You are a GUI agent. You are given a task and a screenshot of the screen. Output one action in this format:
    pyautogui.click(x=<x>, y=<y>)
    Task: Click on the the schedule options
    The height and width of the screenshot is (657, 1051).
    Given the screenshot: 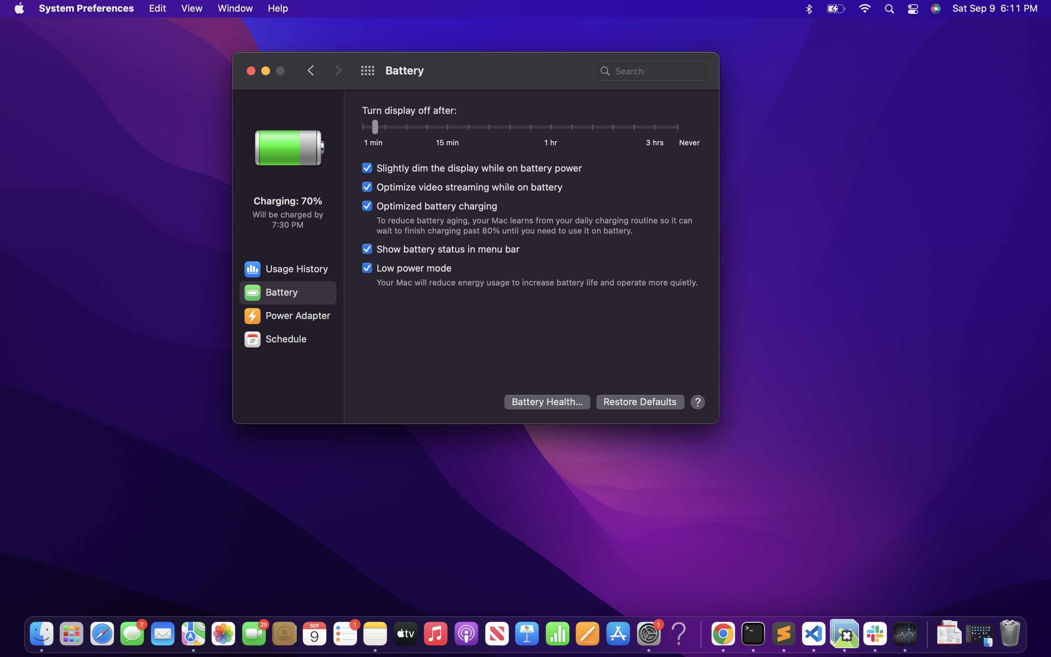 What is the action you would take?
    pyautogui.click(x=287, y=339)
    